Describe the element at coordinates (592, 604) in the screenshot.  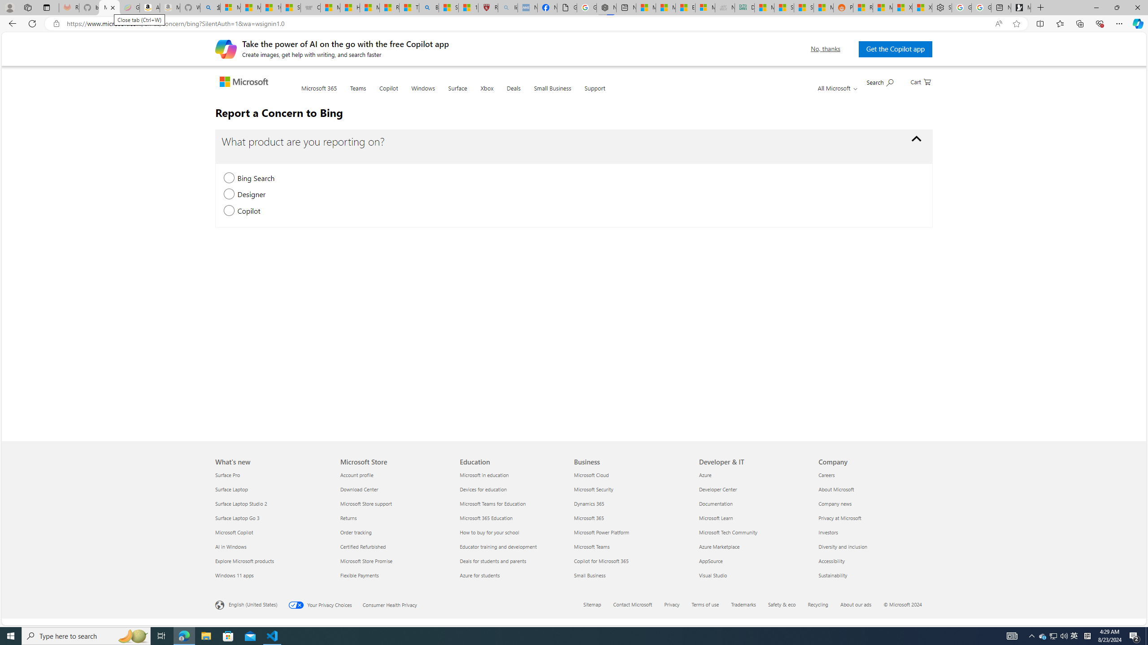
I see `'Sitemap'` at that location.